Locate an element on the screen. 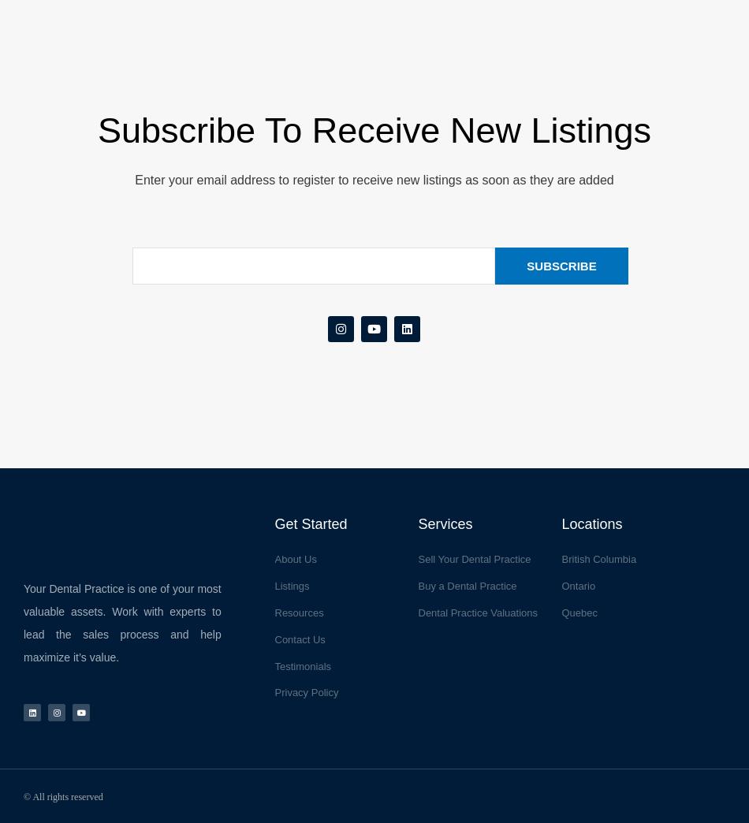  'Ontario' is located at coordinates (577, 586).